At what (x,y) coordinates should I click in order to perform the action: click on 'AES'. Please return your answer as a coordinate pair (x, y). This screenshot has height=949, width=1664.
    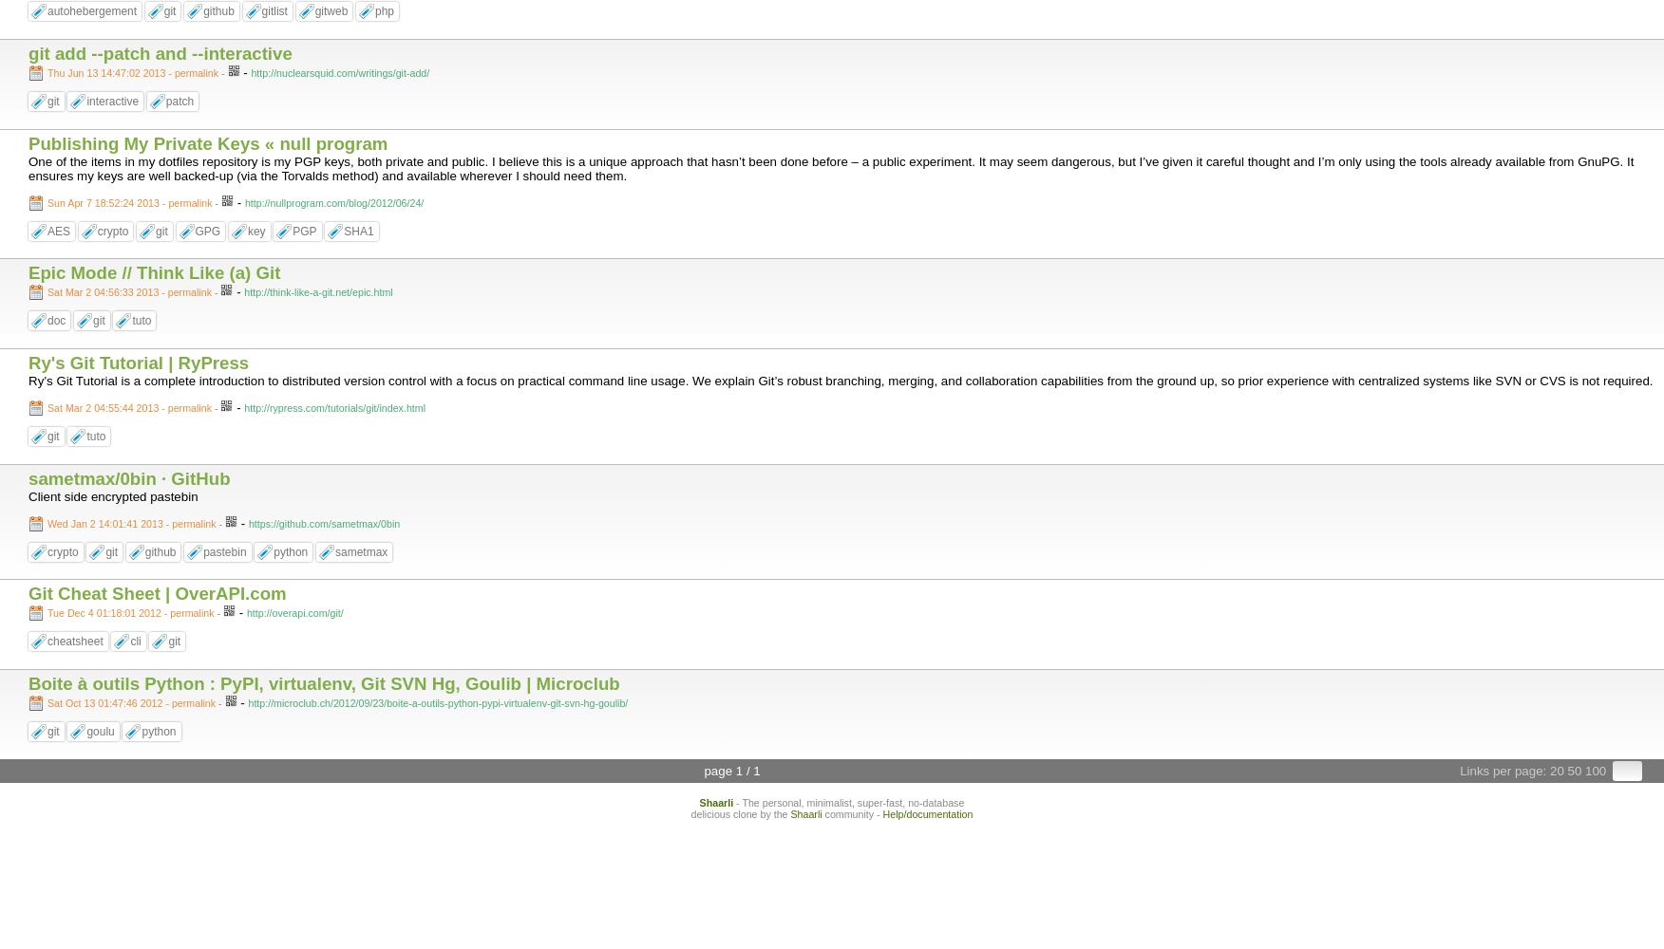
    Looking at the image, I should click on (59, 230).